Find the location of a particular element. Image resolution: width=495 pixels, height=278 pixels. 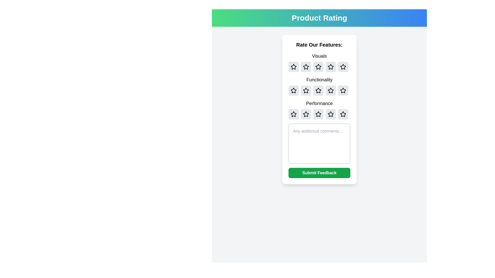

the fourth outlined star icon in the performance rating section is located at coordinates (331, 114).